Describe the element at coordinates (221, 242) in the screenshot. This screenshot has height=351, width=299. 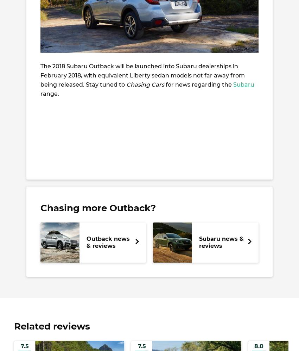
I see `'Subaru news & reviews'` at that location.